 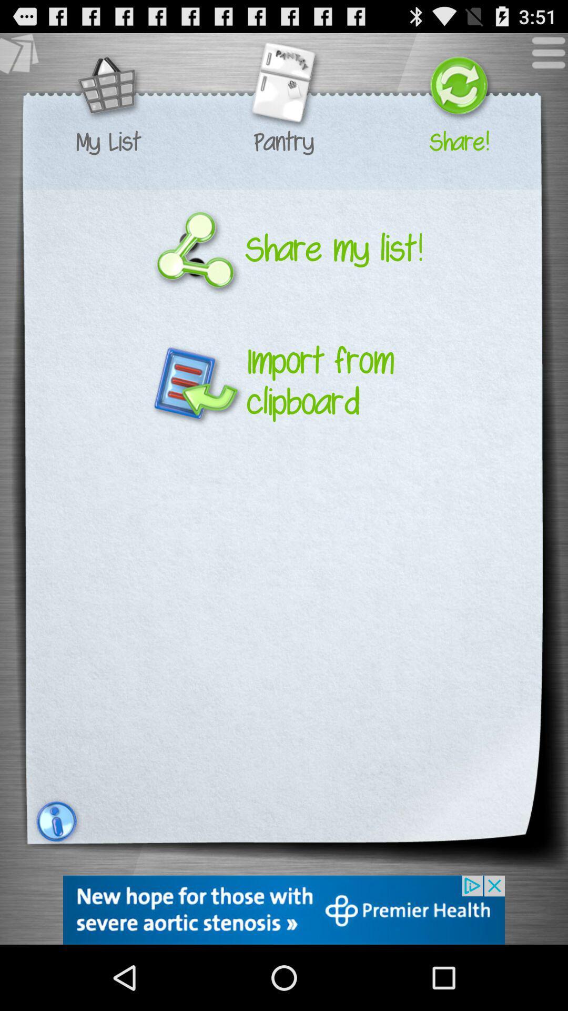 I want to click on click the pantry option, so click(x=283, y=87).